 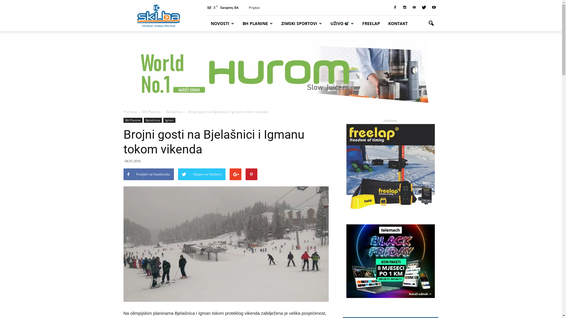 I want to click on 'Twitter', so click(x=419, y=8).